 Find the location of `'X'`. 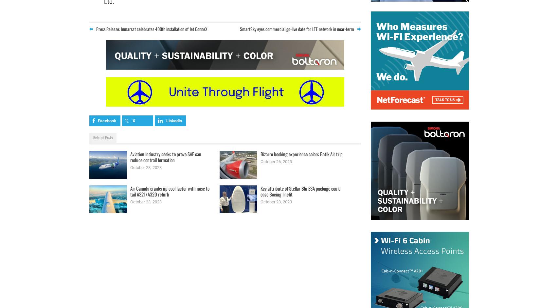

'X' is located at coordinates (133, 120).